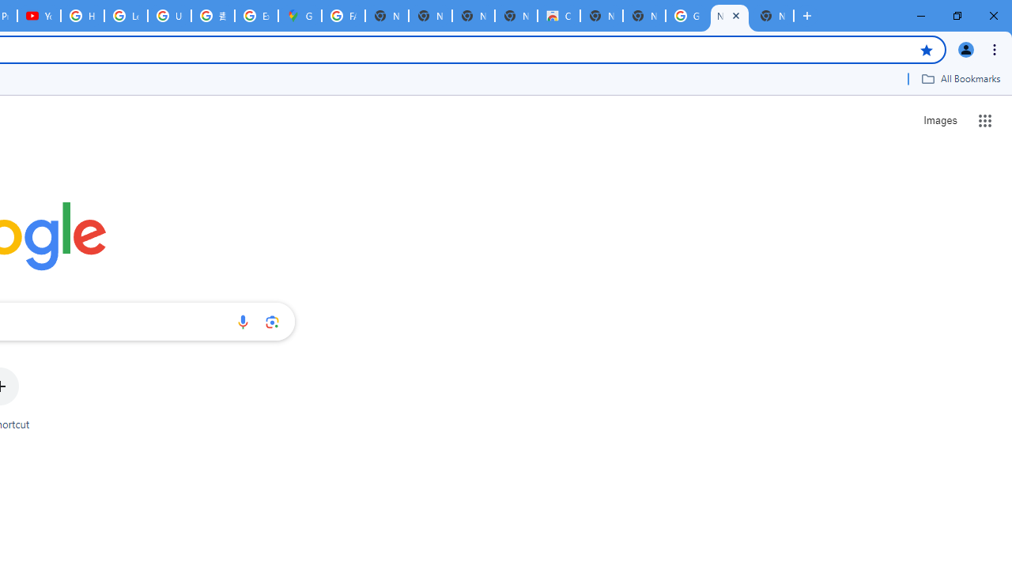 The width and height of the screenshot is (1012, 569). I want to click on 'Chrome Web Store', so click(558, 16).